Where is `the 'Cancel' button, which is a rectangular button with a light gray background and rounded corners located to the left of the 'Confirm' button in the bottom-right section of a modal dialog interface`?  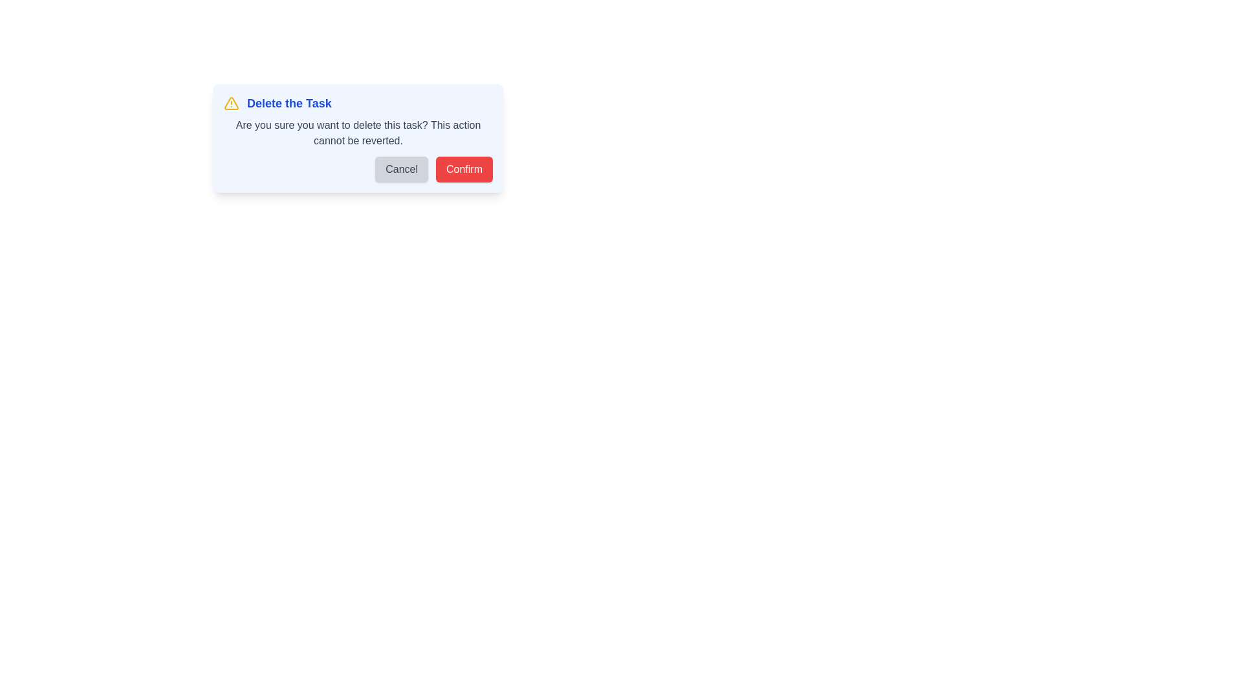
the 'Cancel' button, which is a rectangular button with a light gray background and rounded corners located to the left of the 'Confirm' button in the bottom-right section of a modal dialog interface is located at coordinates (401, 169).